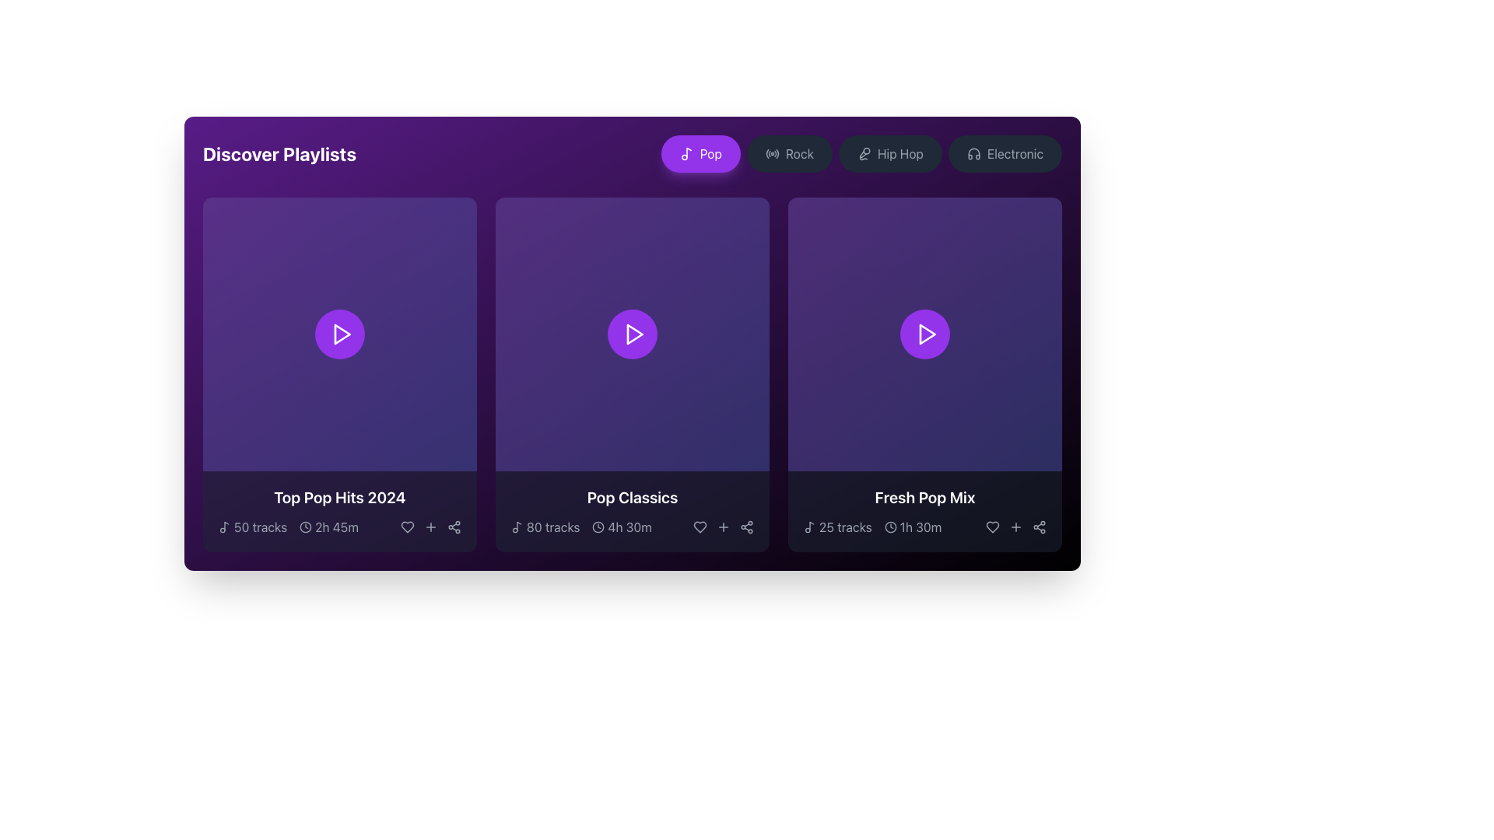  Describe the element at coordinates (328, 527) in the screenshot. I see `the clock icon next to the text '2h 45m', which indicates a time duration in the 'Top Pop Hits 2024' playlist grouping` at that location.